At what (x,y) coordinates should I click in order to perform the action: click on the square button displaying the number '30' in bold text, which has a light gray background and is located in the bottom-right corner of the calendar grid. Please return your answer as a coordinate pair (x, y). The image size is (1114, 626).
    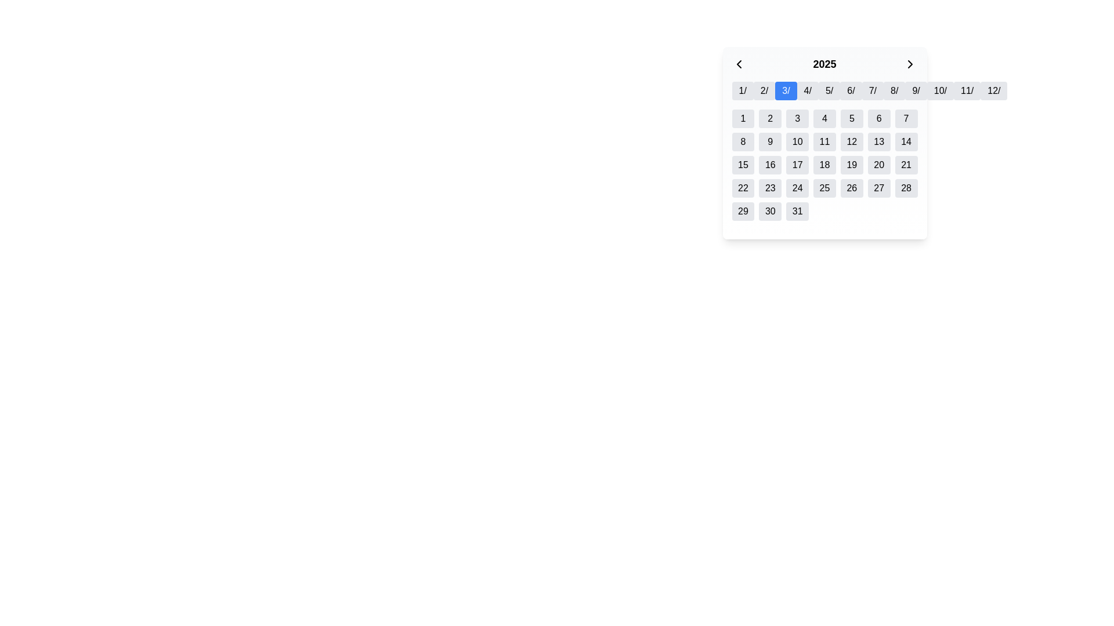
    Looking at the image, I should click on (770, 212).